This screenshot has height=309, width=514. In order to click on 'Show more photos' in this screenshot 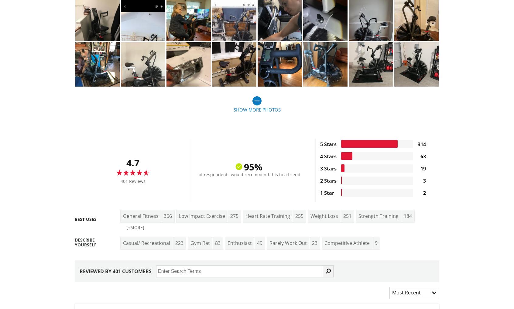, I will do `click(257, 109)`.